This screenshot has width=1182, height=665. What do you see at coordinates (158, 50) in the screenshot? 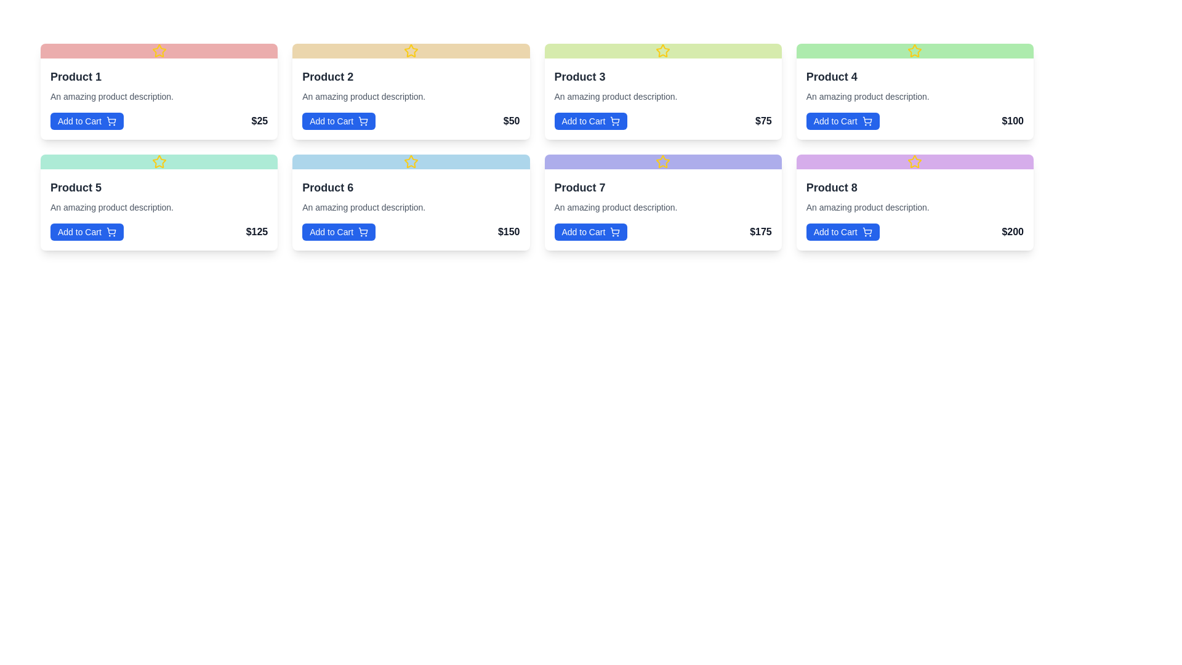
I see `the golden star icon located in the header section of the card titled 'Product 1', which has a light red background and is positioned in the top-left corner of the grid` at bounding box center [158, 50].